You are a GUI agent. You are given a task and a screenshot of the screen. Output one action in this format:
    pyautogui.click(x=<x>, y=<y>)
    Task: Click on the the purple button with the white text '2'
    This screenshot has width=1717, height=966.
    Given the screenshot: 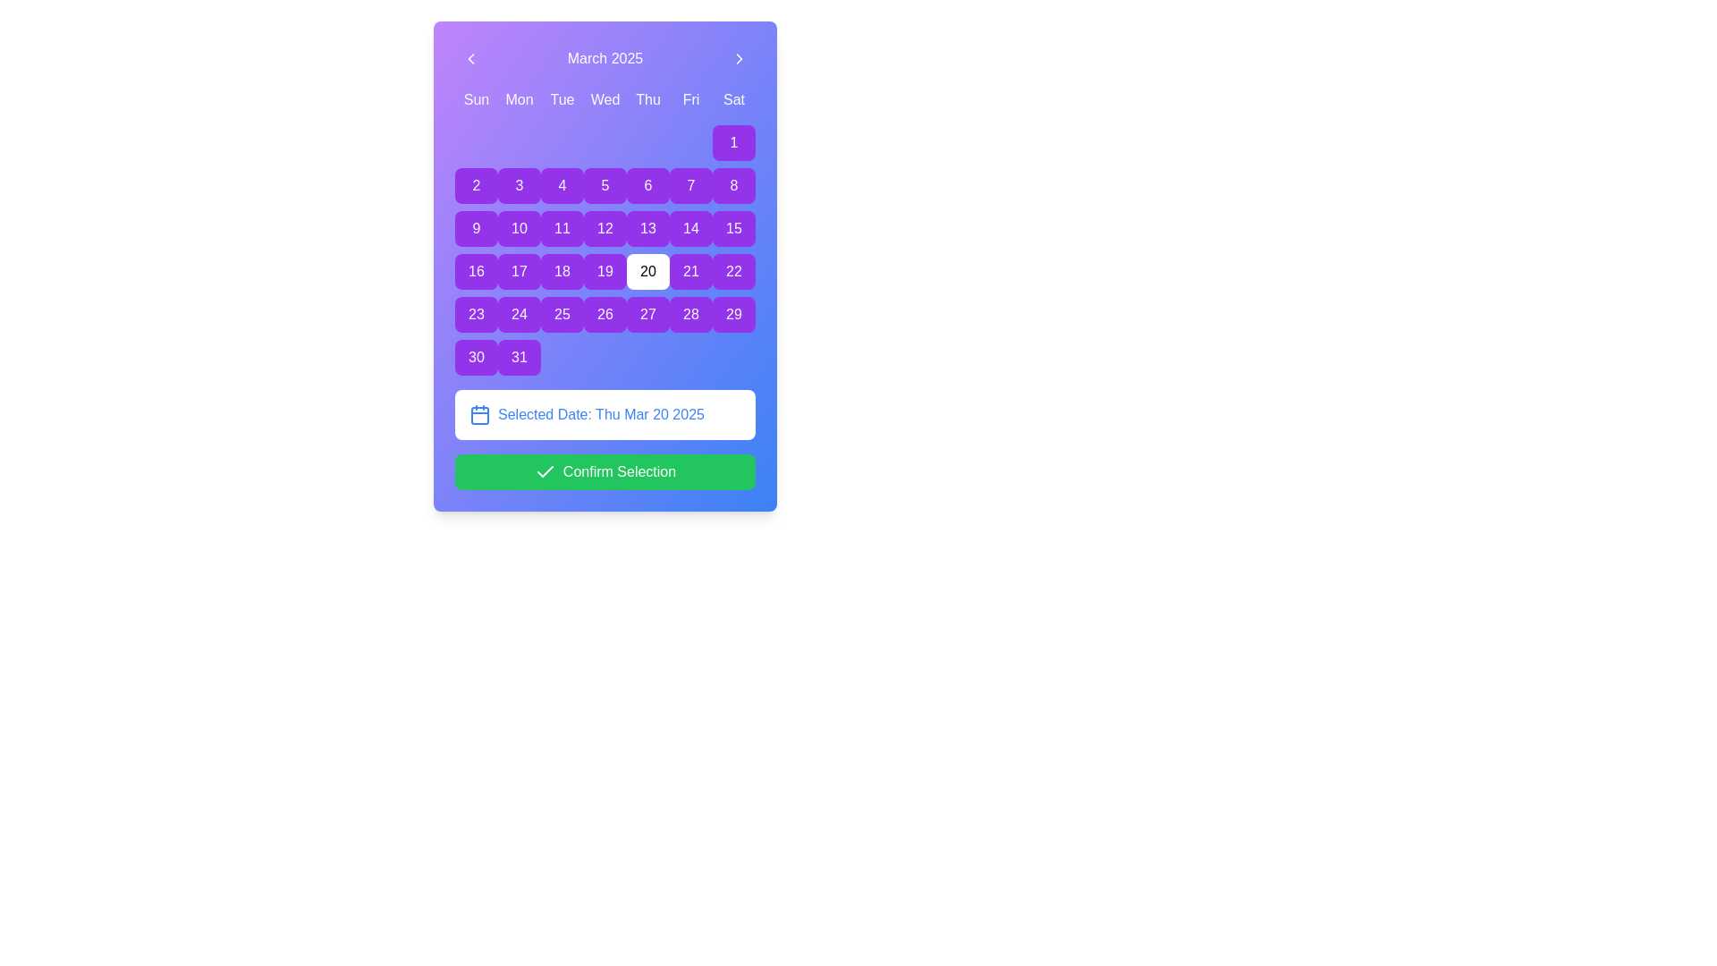 What is the action you would take?
    pyautogui.click(x=476, y=186)
    